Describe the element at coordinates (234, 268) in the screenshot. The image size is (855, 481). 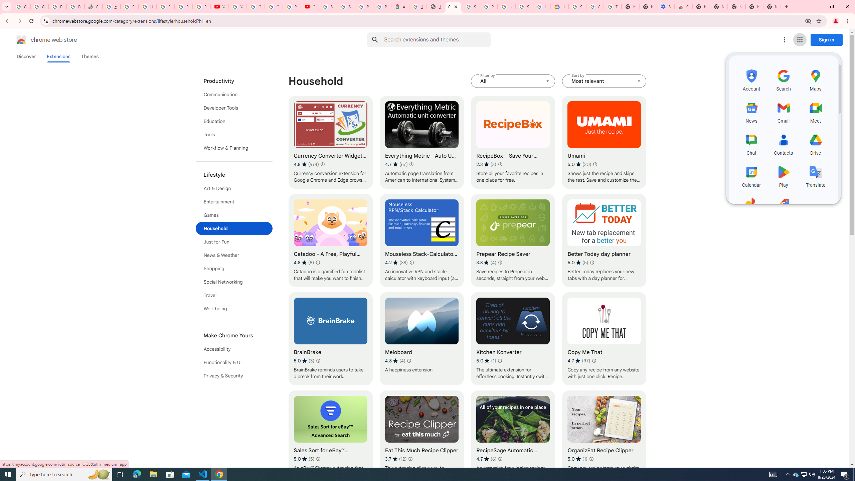
I see `'Shopping'` at that location.